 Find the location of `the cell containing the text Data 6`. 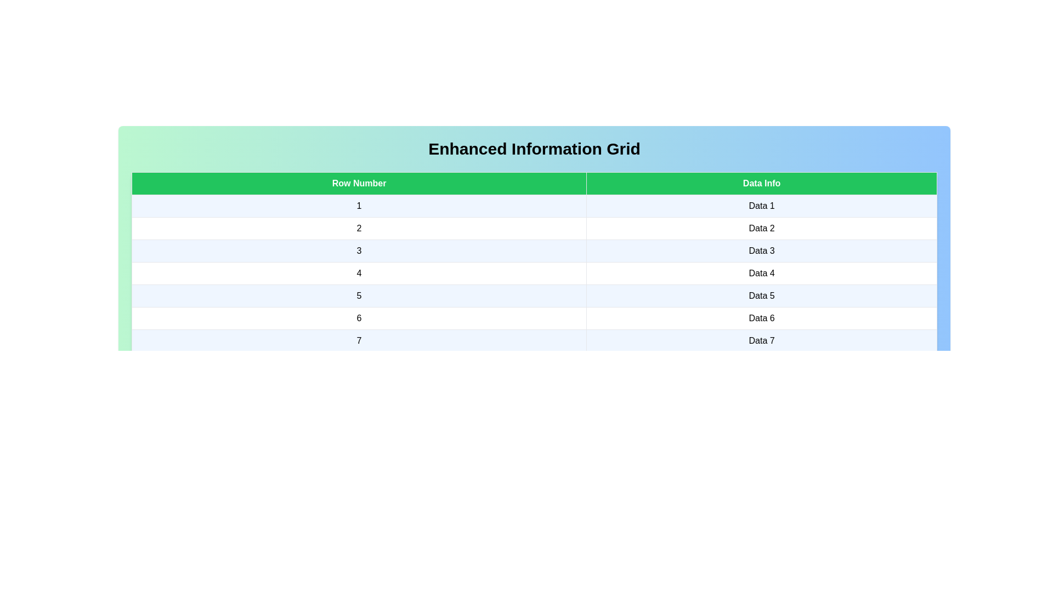

the cell containing the text Data 6 is located at coordinates (761, 318).